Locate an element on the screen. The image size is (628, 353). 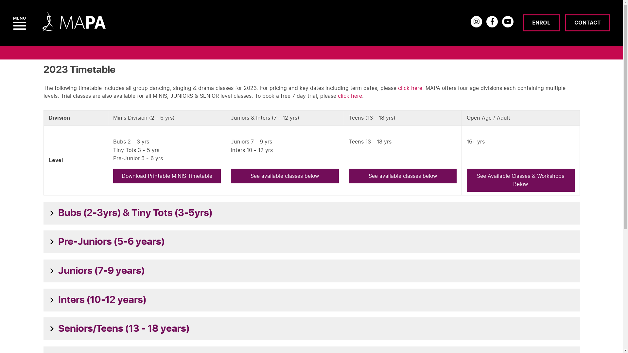
'See available classes below' is located at coordinates (285, 176).